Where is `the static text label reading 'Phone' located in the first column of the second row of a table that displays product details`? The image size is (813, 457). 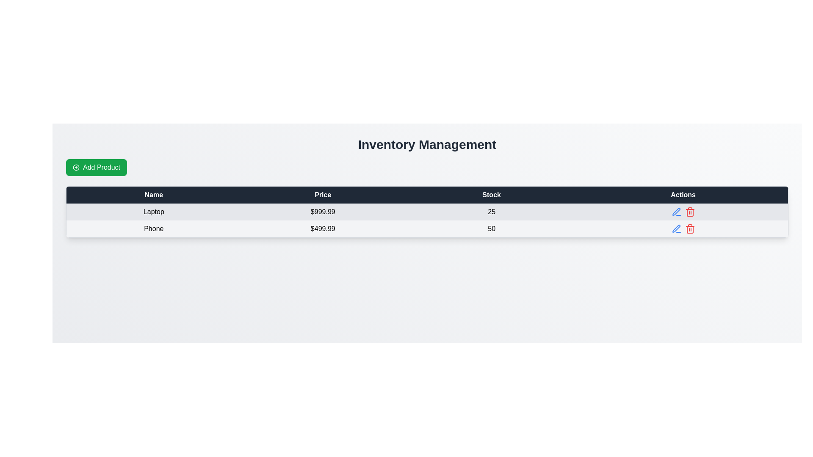 the static text label reading 'Phone' located in the first column of the second row of a table that displays product details is located at coordinates (154, 229).